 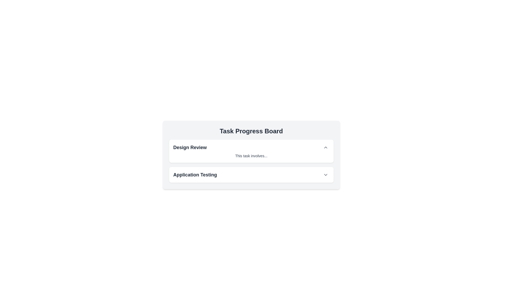 What do you see at coordinates (325, 147) in the screenshot?
I see `the upward-pointing chevron icon in the top-right corner of the 'Design Review' section` at bounding box center [325, 147].